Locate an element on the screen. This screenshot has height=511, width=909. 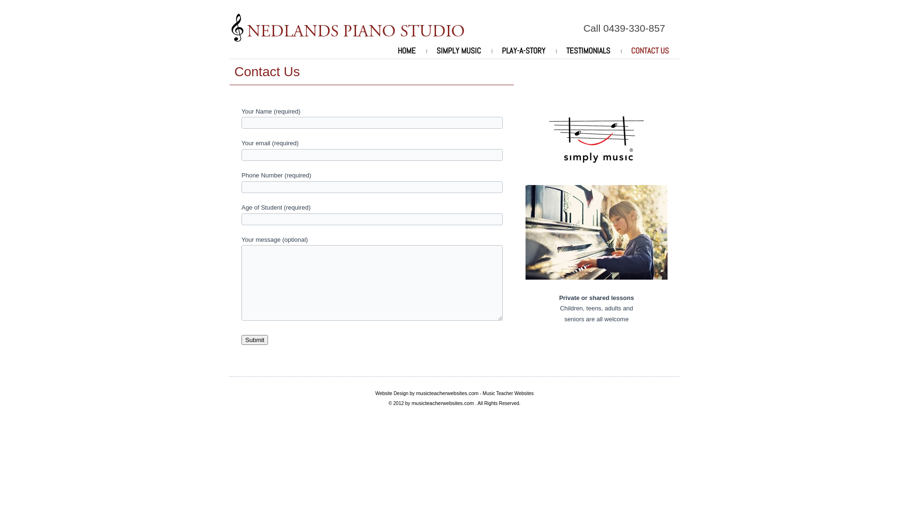
'SIMPLY MUSIC' is located at coordinates (459, 51).